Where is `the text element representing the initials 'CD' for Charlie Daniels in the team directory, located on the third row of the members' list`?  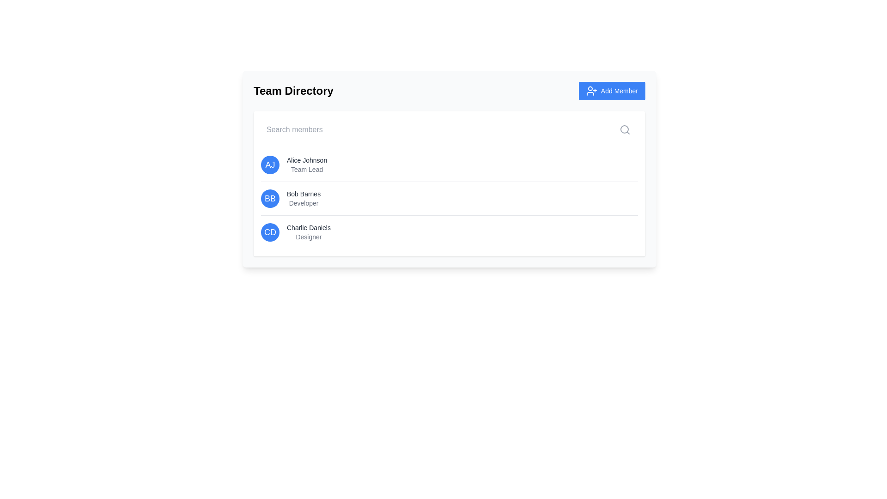
the text element representing the initials 'CD' for Charlie Daniels in the team directory, located on the third row of the members' list is located at coordinates (270, 231).